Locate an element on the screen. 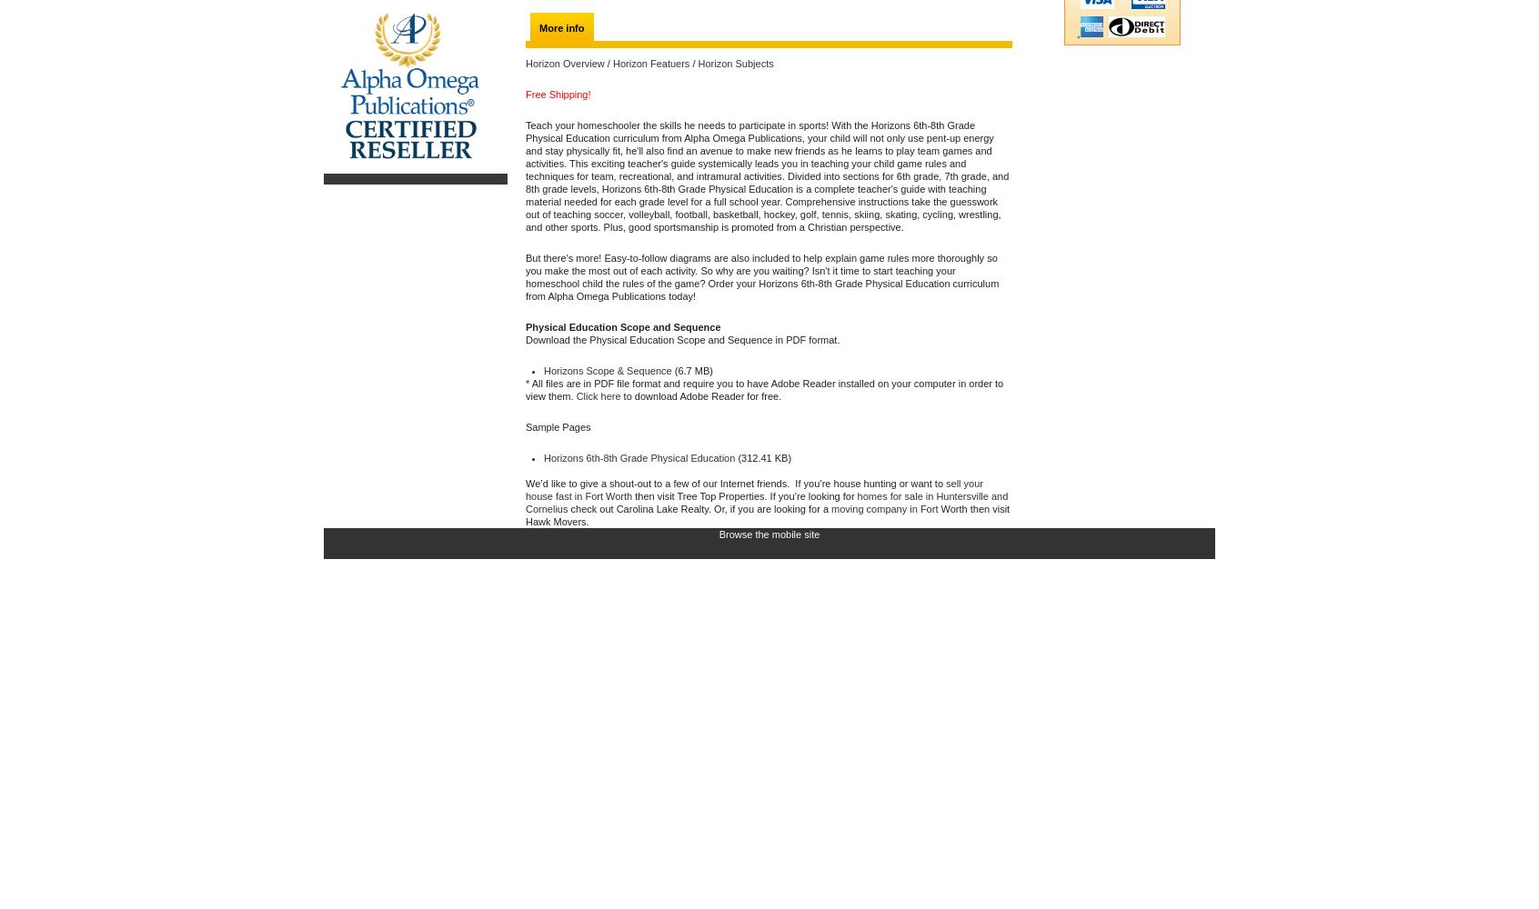  'Horizon Overview' is located at coordinates (563, 63).